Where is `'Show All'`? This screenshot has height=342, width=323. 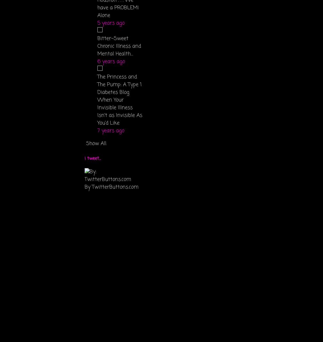
'Show All' is located at coordinates (96, 143).